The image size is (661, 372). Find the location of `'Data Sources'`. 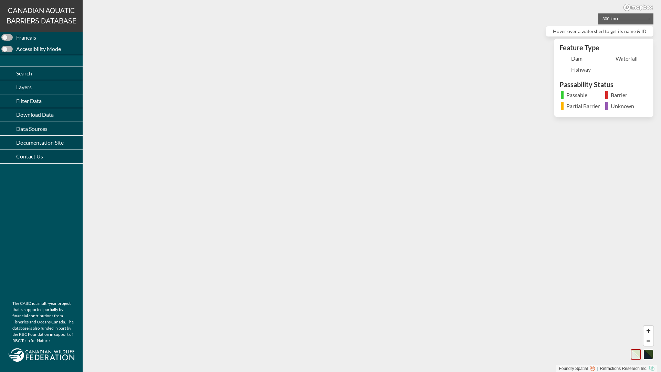

'Data Sources' is located at coordinates (41, 128).